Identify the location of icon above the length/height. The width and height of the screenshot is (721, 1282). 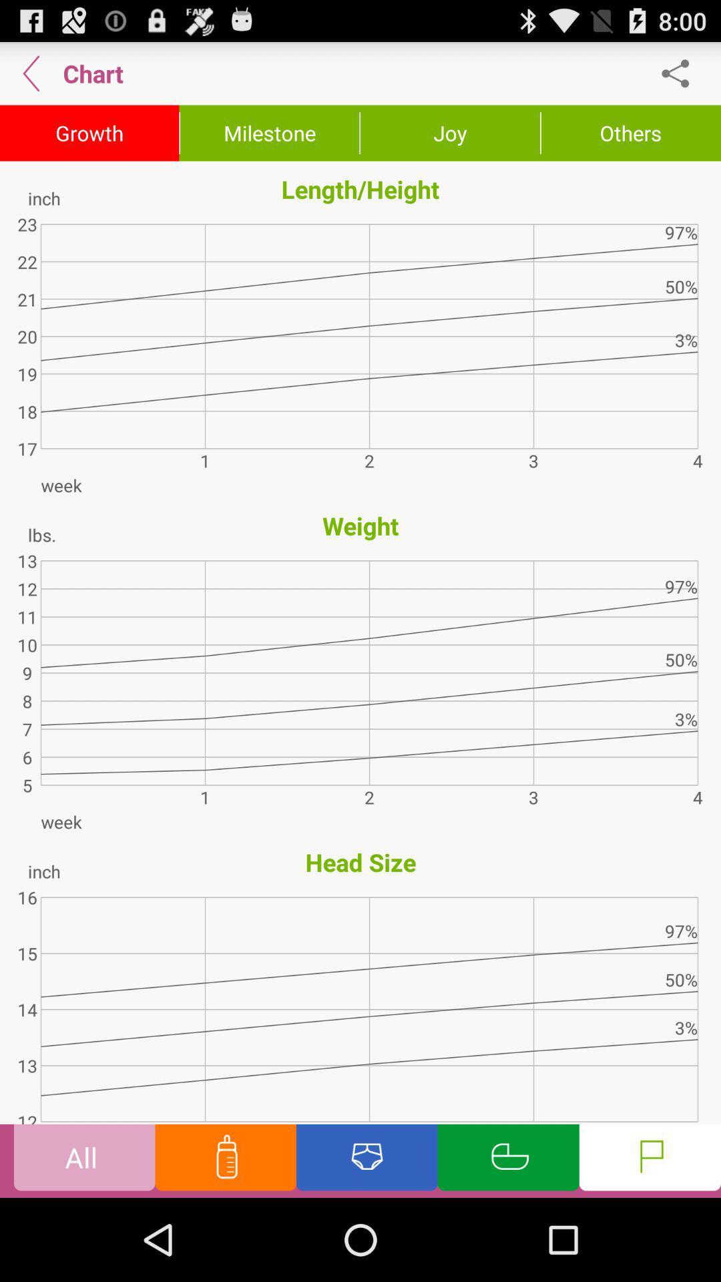
(631, 133).